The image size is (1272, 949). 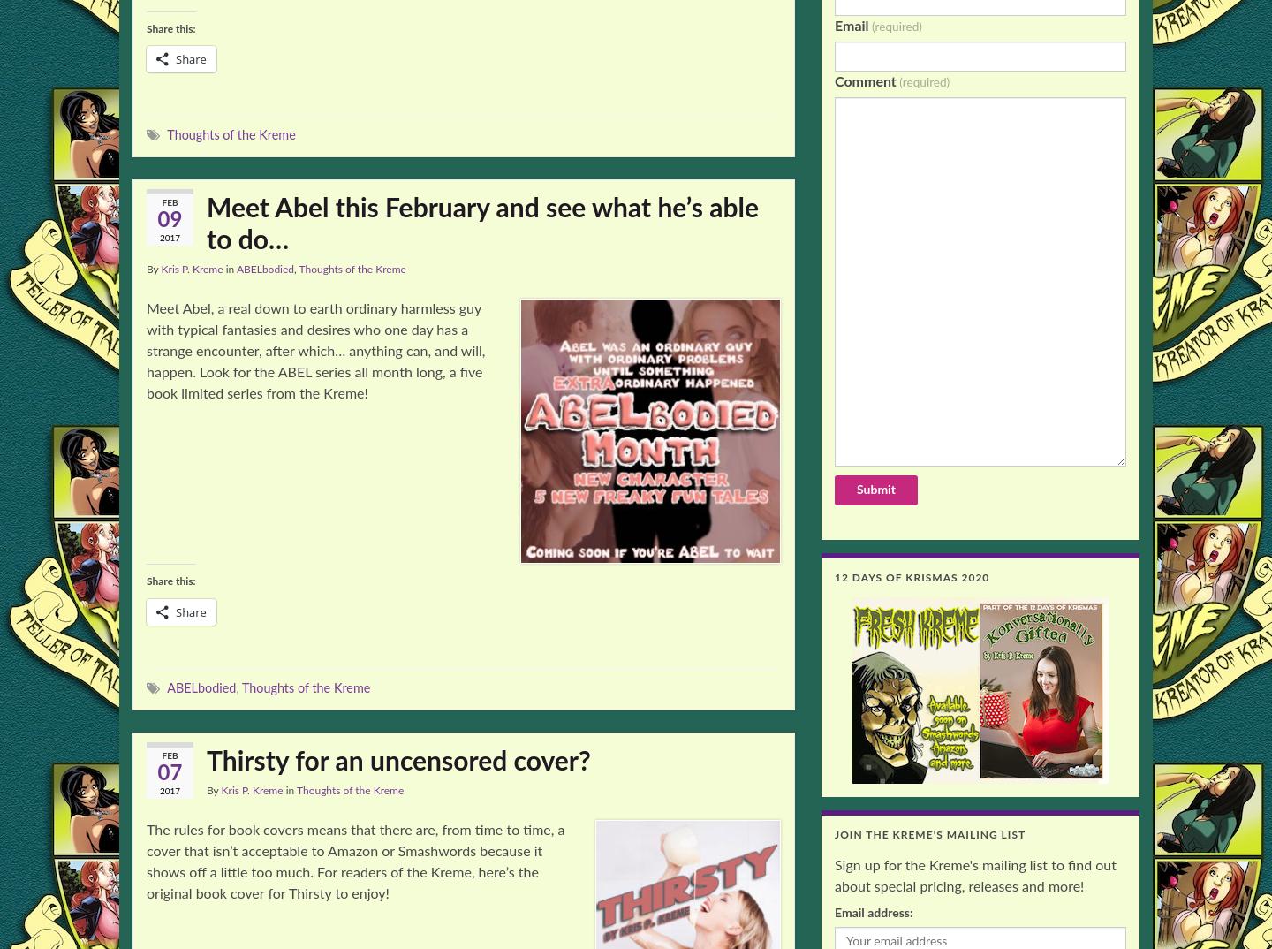 What do you see at coordinates (482, 224) in the screenshot?
I see `'Meet Abel this February and see what he’s able to do…'` at bounding box center [482, 224].